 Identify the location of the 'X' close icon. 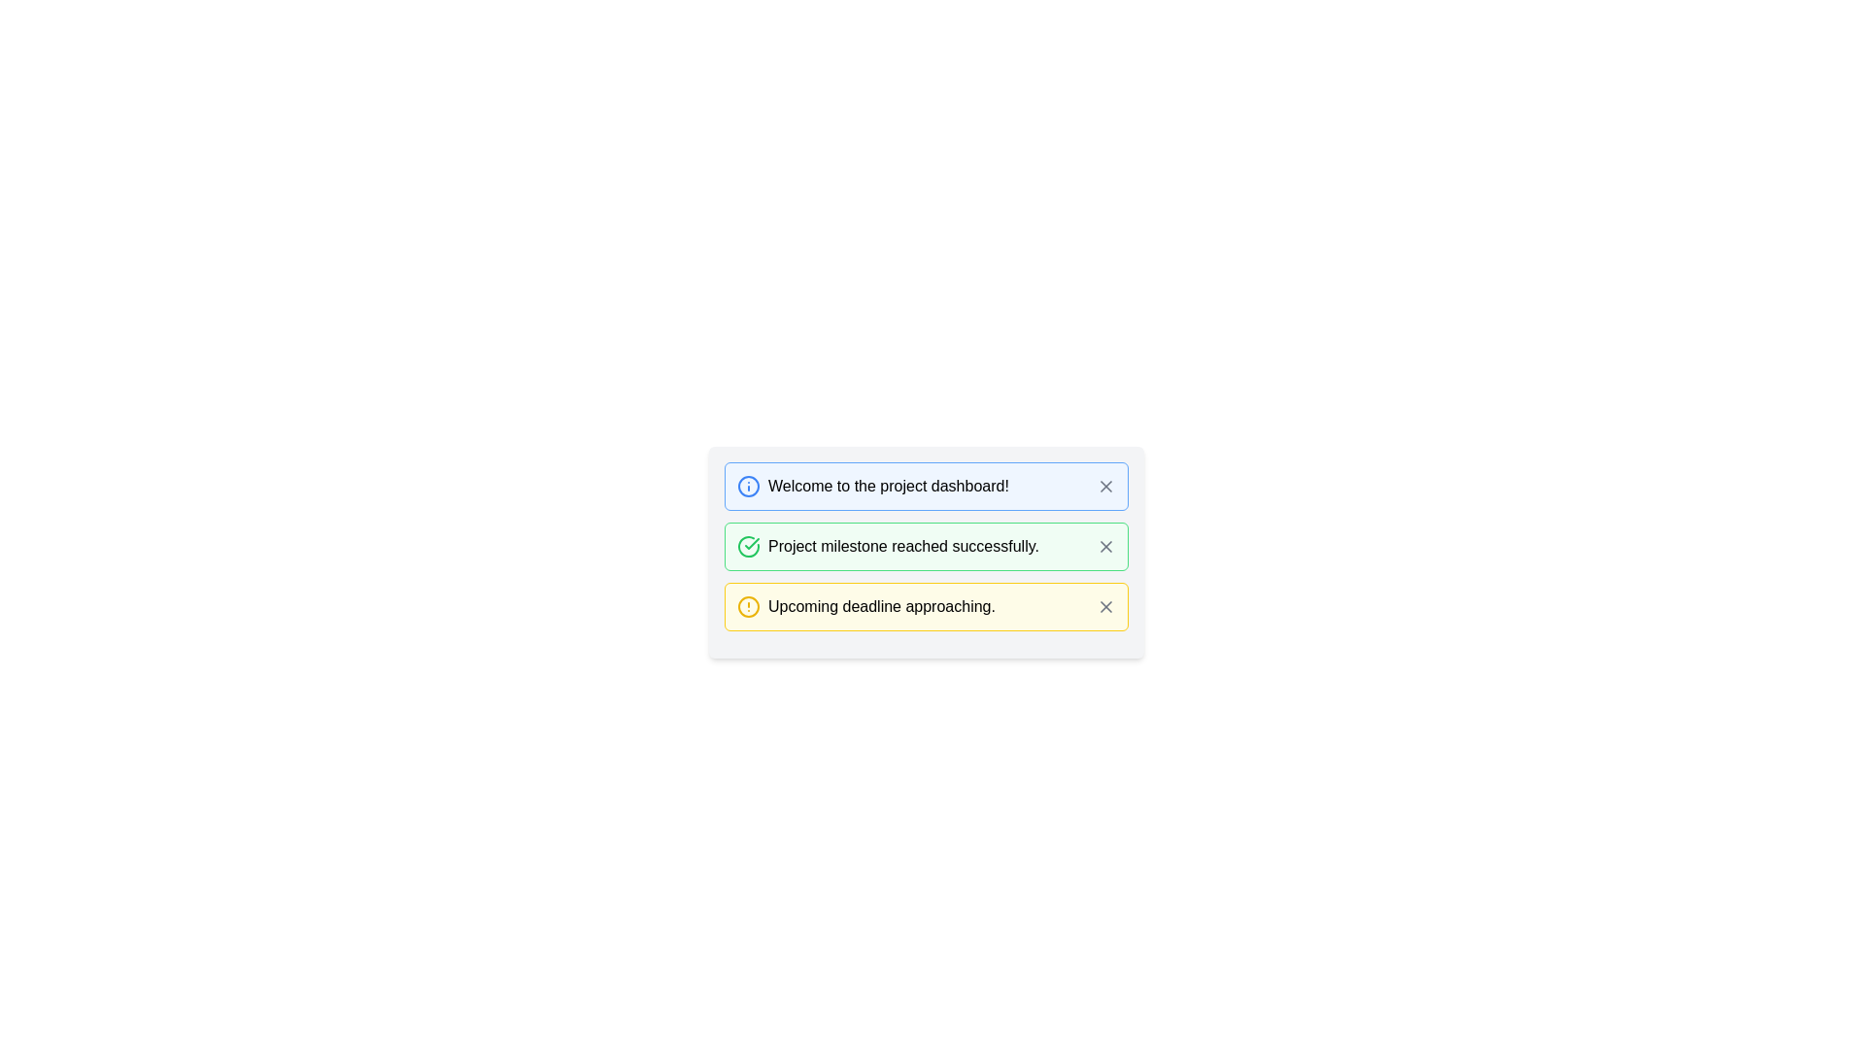
(1105, 605).